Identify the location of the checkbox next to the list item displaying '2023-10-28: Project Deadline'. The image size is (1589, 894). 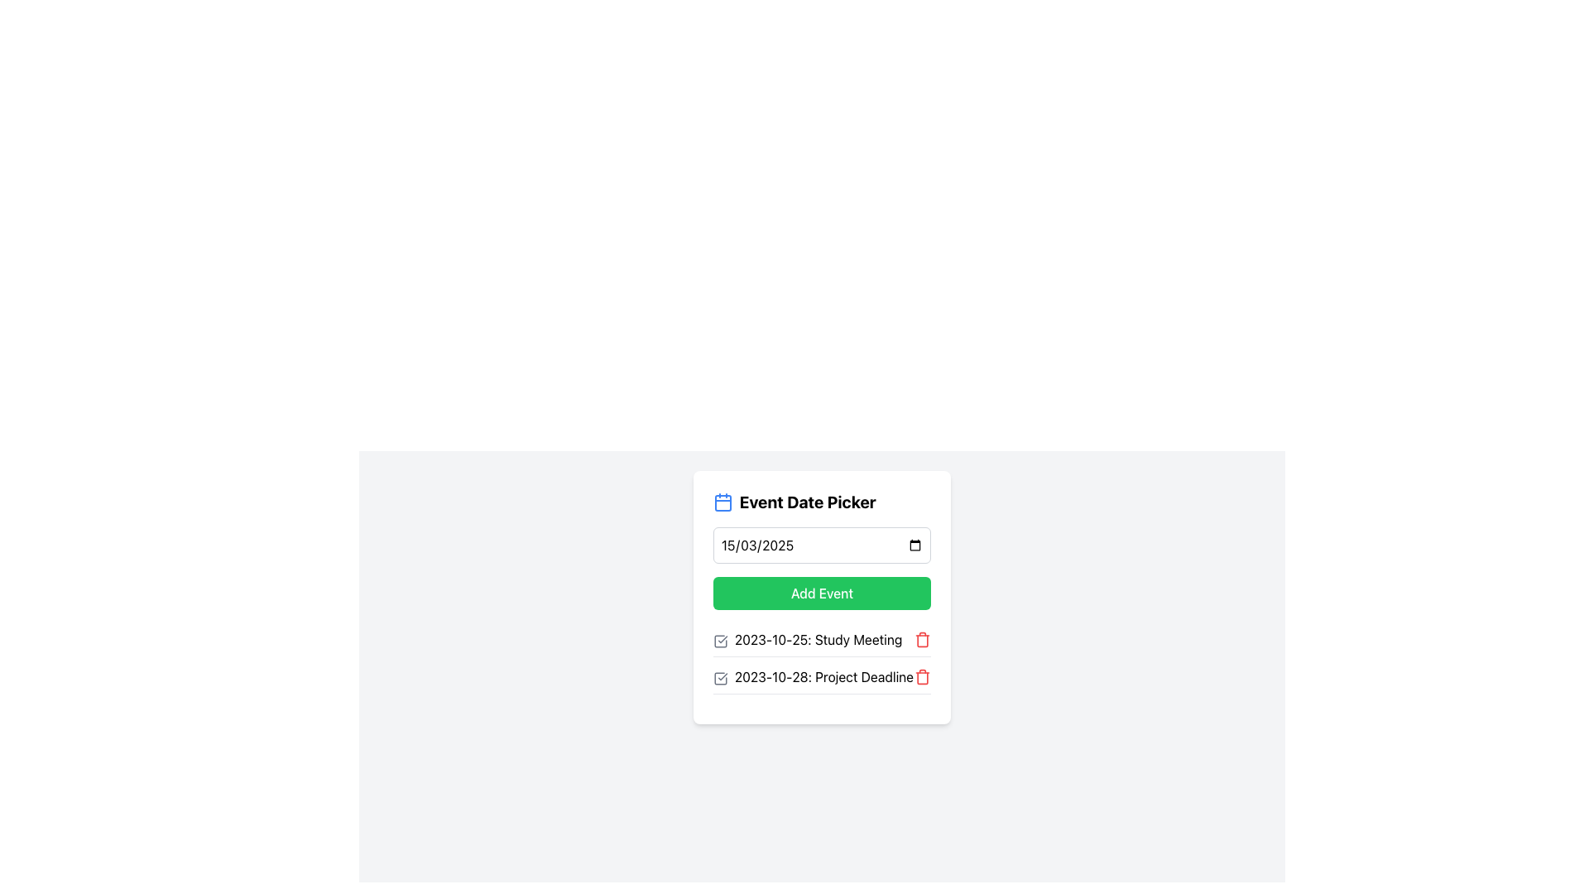
(813, 676).